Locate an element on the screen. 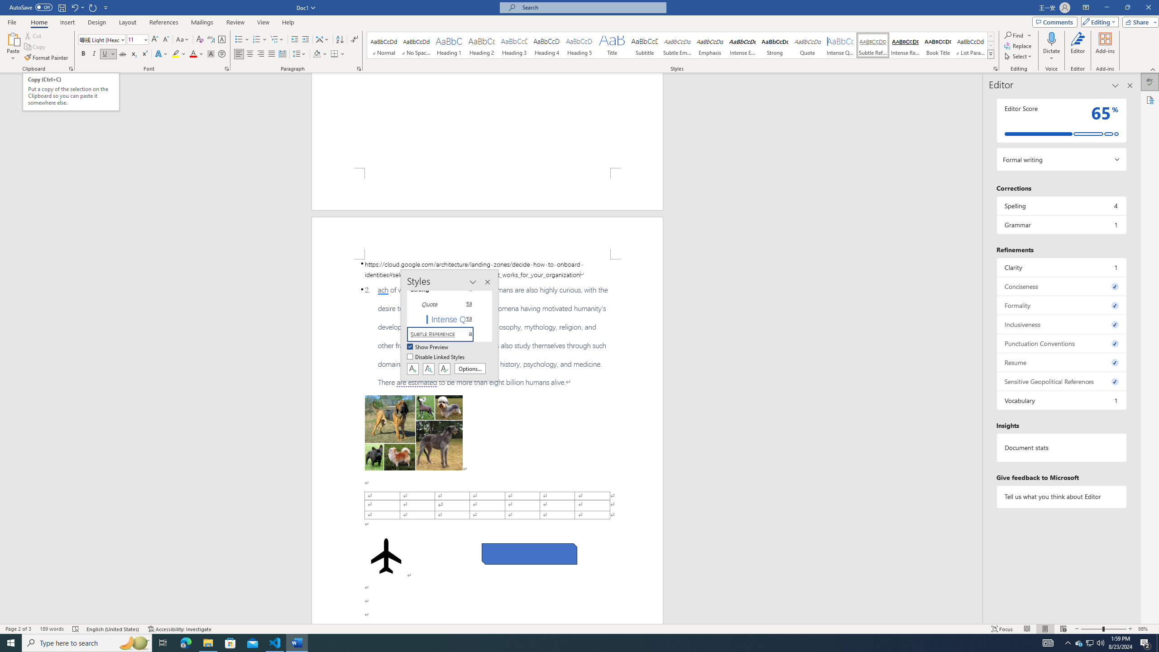  'Intense Emphasis' is located at coordinates (742, 45).